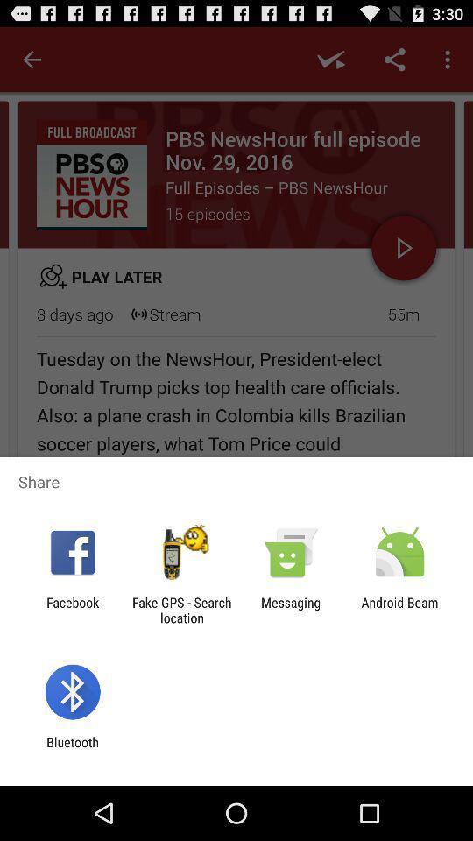  What do you see at coordinates (399, 610) in the screenshot?
I see `the icon to the right of messaging` at bounding box center [399, 610].